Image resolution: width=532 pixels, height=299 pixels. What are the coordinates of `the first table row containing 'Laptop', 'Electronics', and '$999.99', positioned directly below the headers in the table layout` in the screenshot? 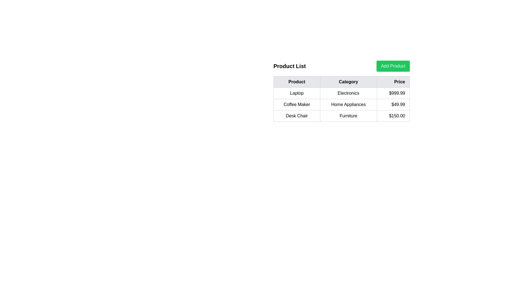 It's located at (341, 93).